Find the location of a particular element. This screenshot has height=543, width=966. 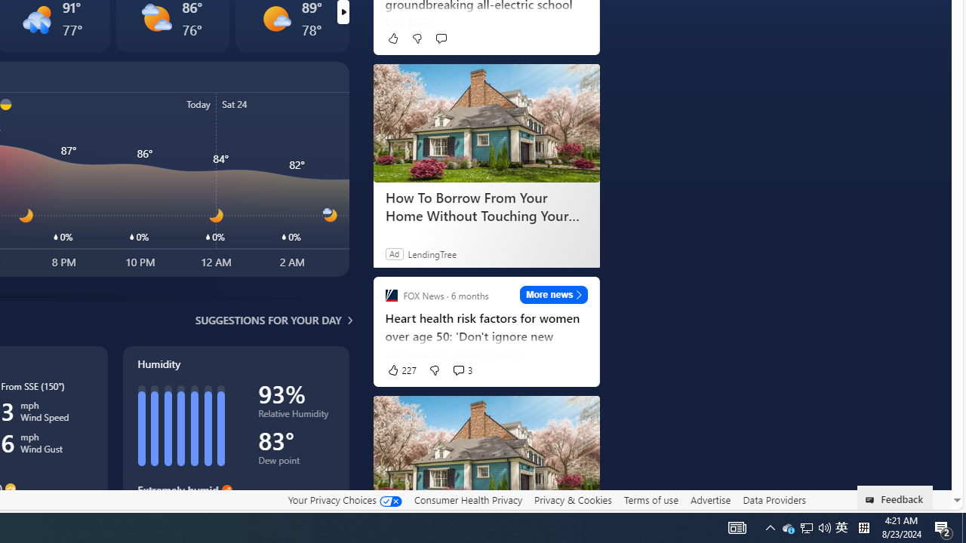

'More news' is located at coordinates (553, 294).